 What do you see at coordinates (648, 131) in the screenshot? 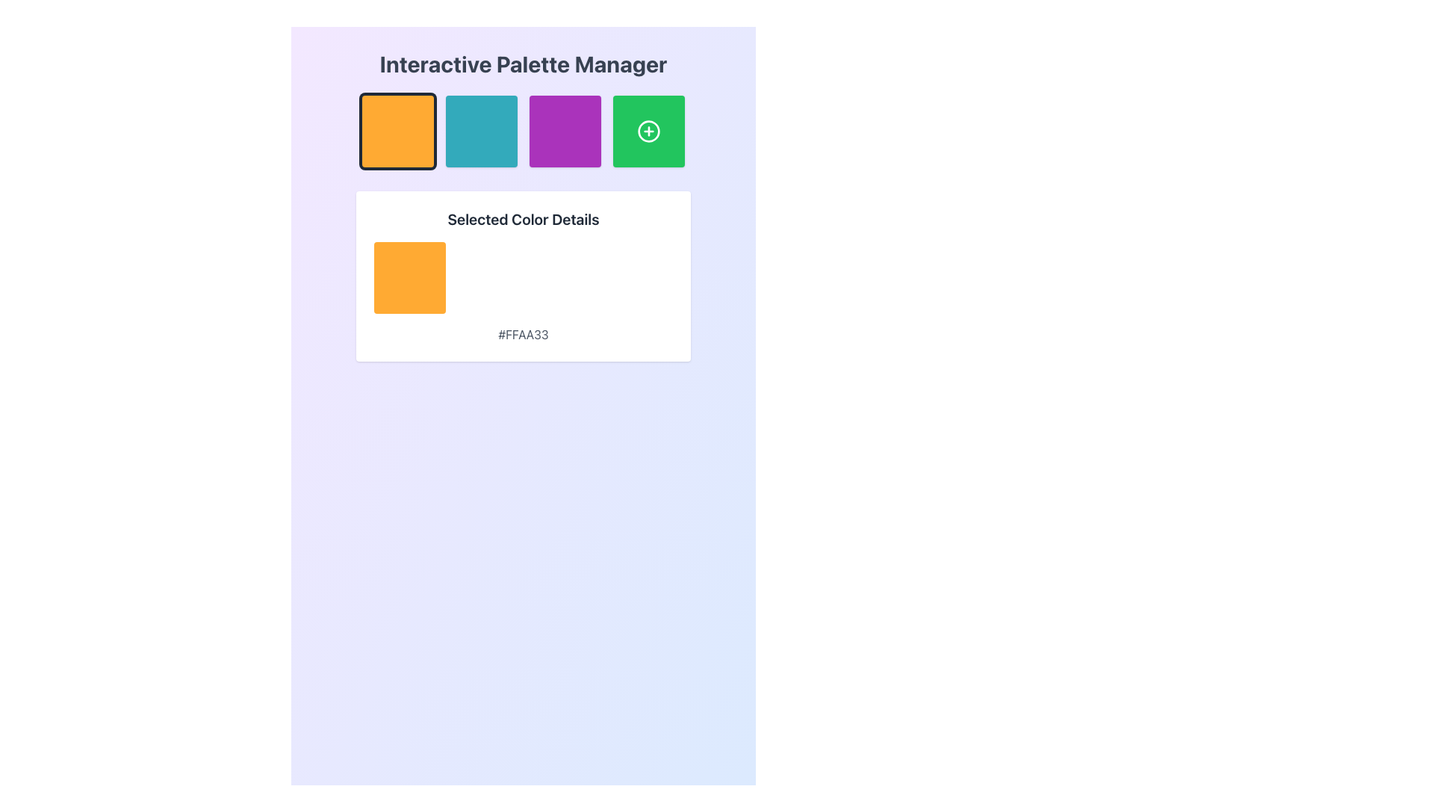
I see `the bright green square button with a white plus sign` at bounding box center [648, 131].